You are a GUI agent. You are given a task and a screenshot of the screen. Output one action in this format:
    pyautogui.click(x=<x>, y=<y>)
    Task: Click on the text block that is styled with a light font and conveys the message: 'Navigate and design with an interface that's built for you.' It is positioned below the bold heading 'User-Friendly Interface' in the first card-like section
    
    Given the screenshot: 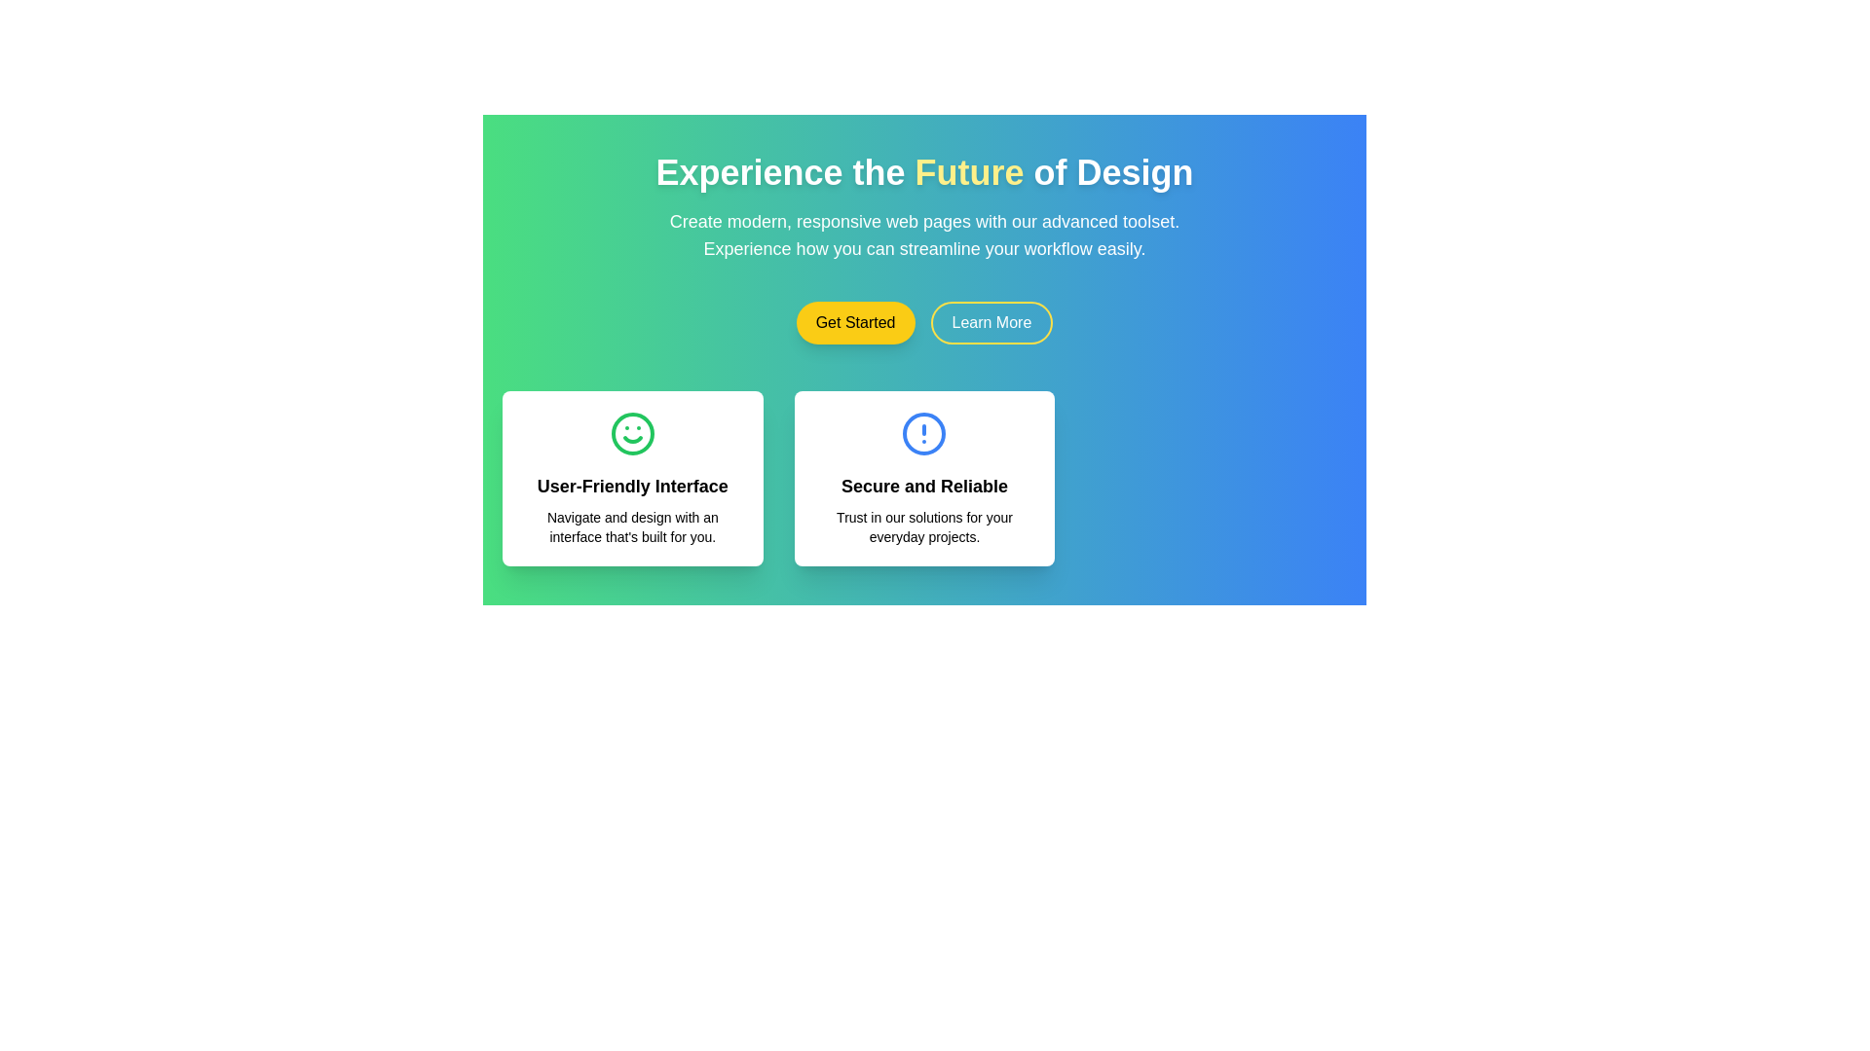 What is the action you would take?
    pyautogui.click(x=632, y=527)
    